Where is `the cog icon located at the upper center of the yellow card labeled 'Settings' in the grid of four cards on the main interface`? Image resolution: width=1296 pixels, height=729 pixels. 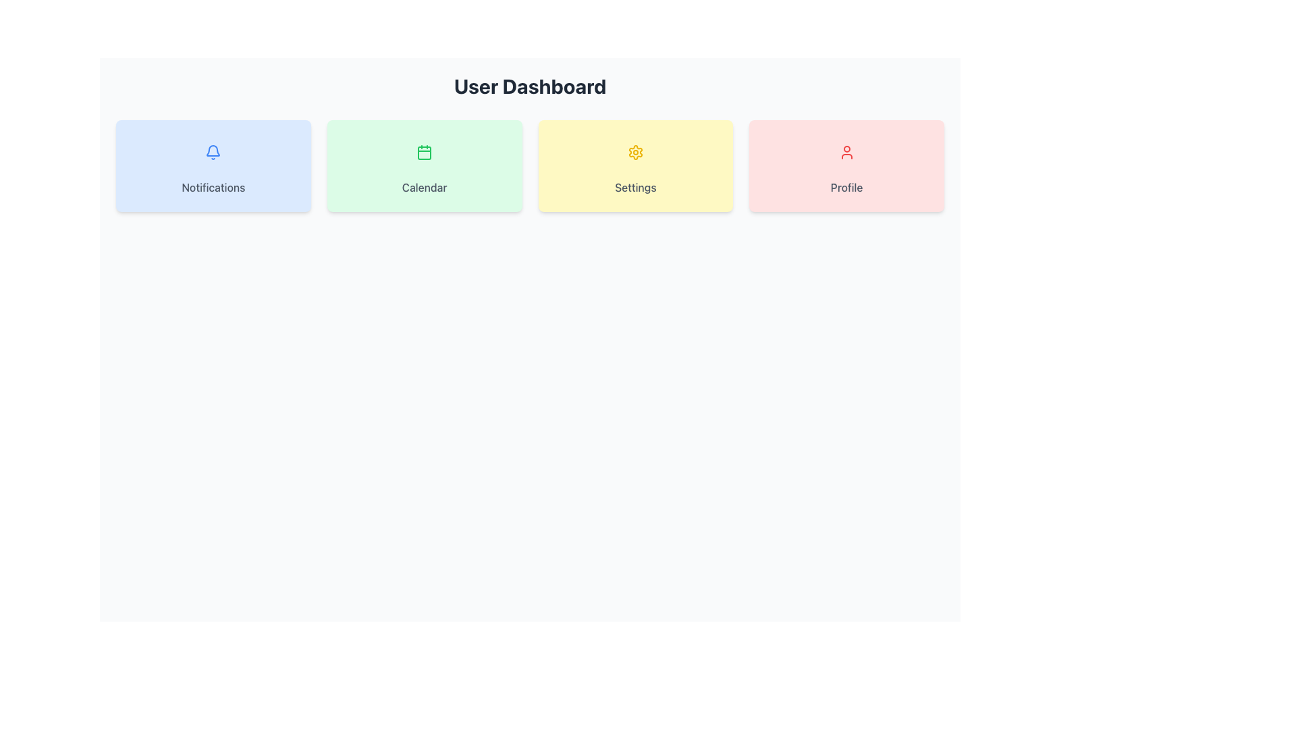 the cog icon located at the upper center of the yellow card labeled 'Settings' in the grid of four cards on the main interface is located at coordinates (634, 152).